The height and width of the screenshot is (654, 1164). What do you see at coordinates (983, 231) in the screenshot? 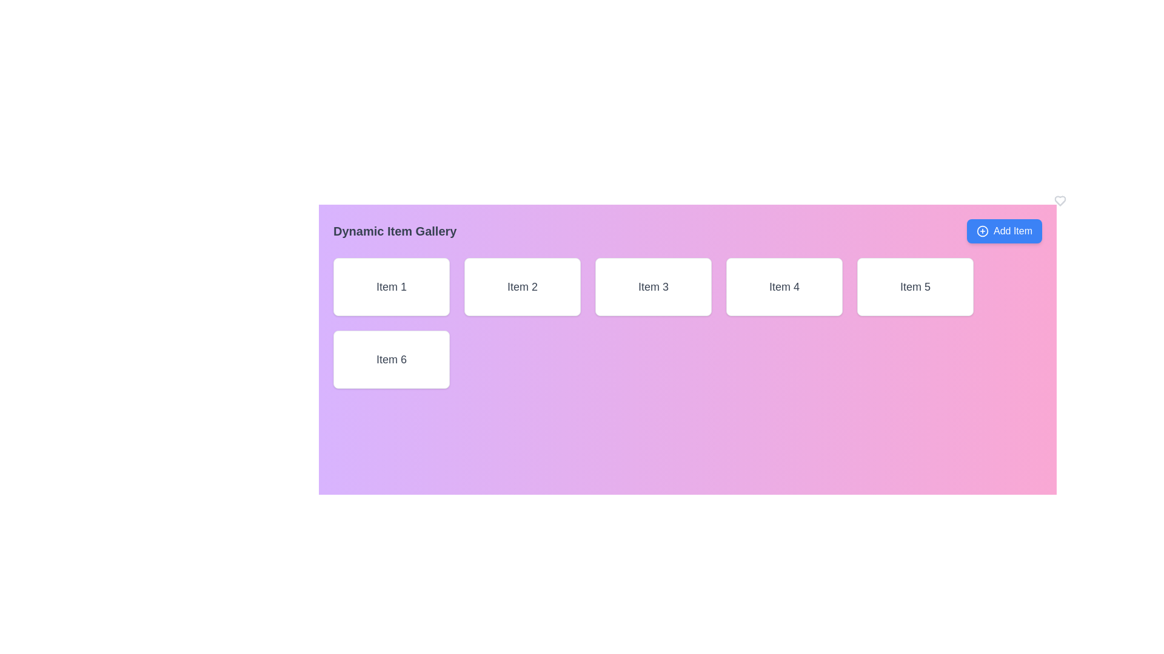
I see `the circular icon with a plus symbol located in the top-right corner of the blue 'Add Item' button` at bounding box center [983, 231].